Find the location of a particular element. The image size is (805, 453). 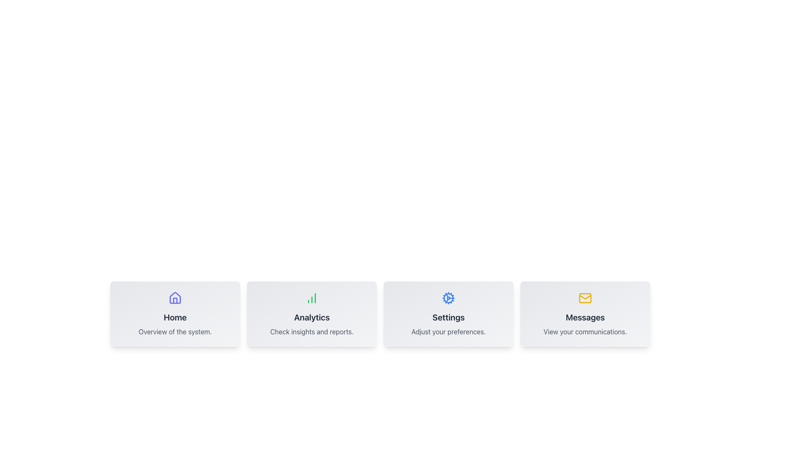

the 'Settings' icon located in the third panel of the horizontal layout is located at coordinates (448, 297).